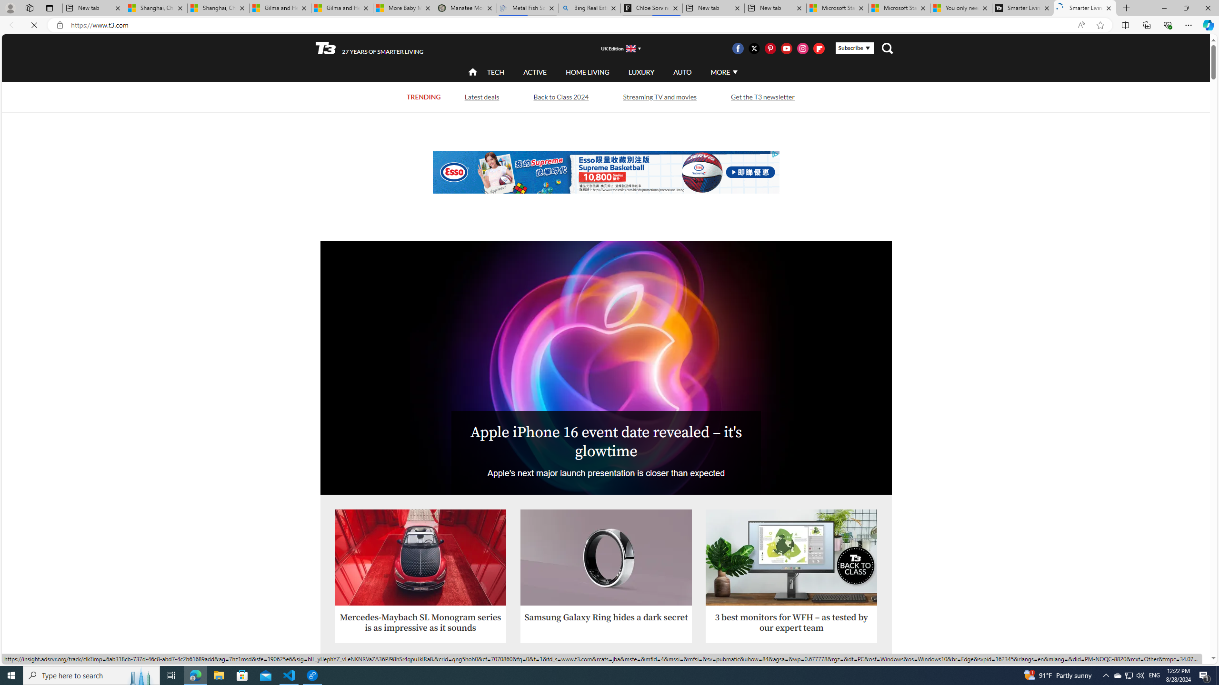 The width and height of the screenshot is (1219, 685). What do you see at coordinates (651, 8) in the screenshot?
I see `'Chloe Sorvino'` at bounding box center [651, 8].